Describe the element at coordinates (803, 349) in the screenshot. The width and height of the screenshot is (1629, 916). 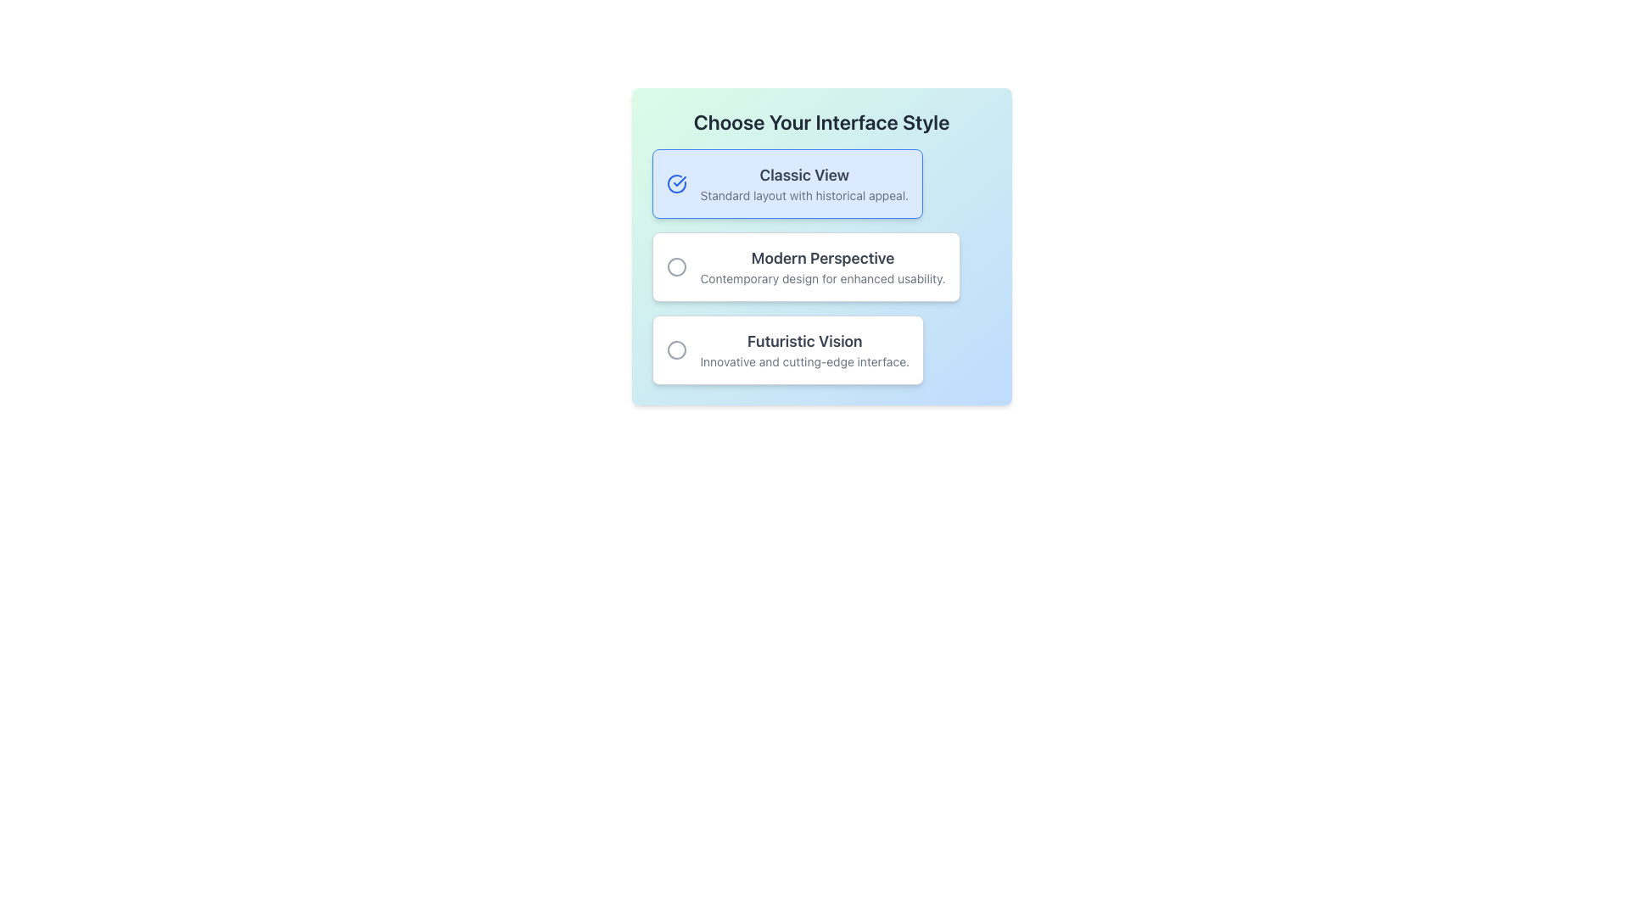
I see `text of the third option label in the 'Choose Your Interface Style' selection, which is positioned beneath the 'Modern Perspective' option` at that location.